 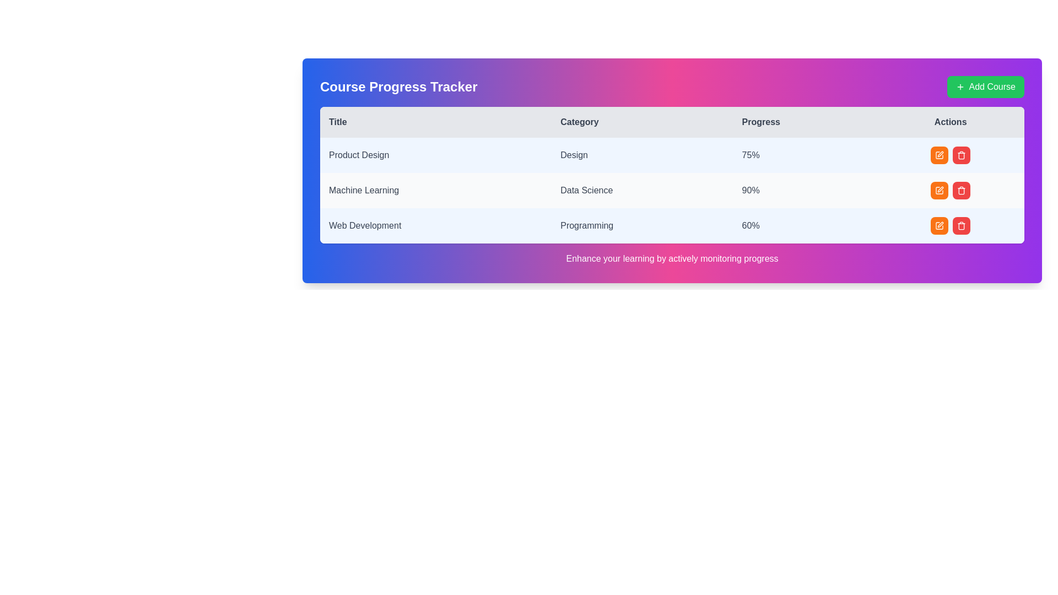 What do you see at coordinates (961, 225) in the screenshot?
I see `the delete icon button in the 'Actions' column of the table row for the 'Web Development' course` at bounding box center [961, 225].